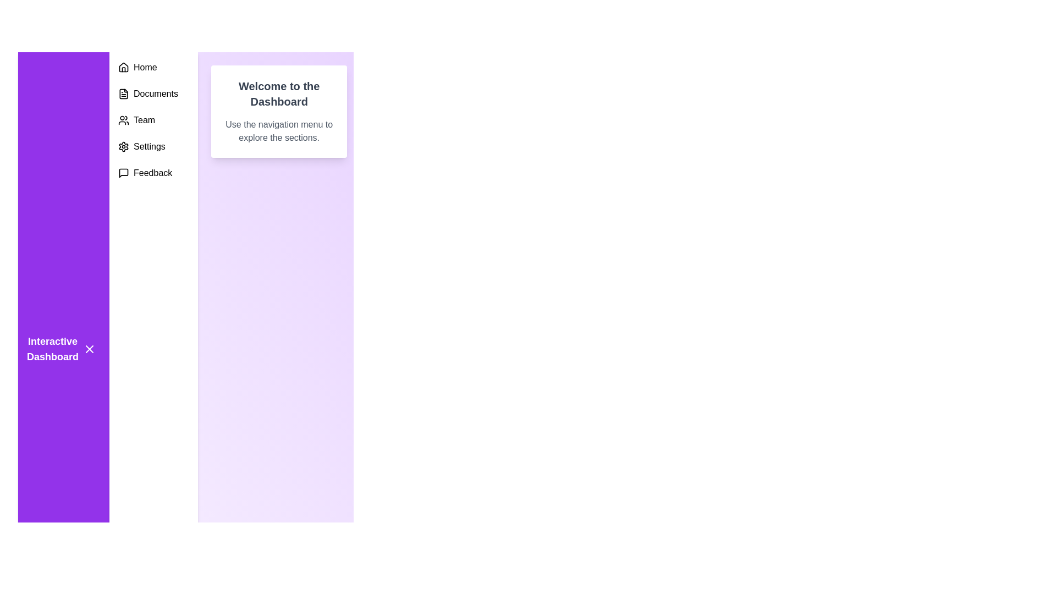 The width and height of the screenshot is (1056, 594). What do you see at coordinates (124, 173) in the screenshot?
I see `the small square-shaped speech bubble icon located in the left-hand vertical navigation bar, which is the fifth item from the top, next to the 'Feedback' label` at bounding box center [124, 173].